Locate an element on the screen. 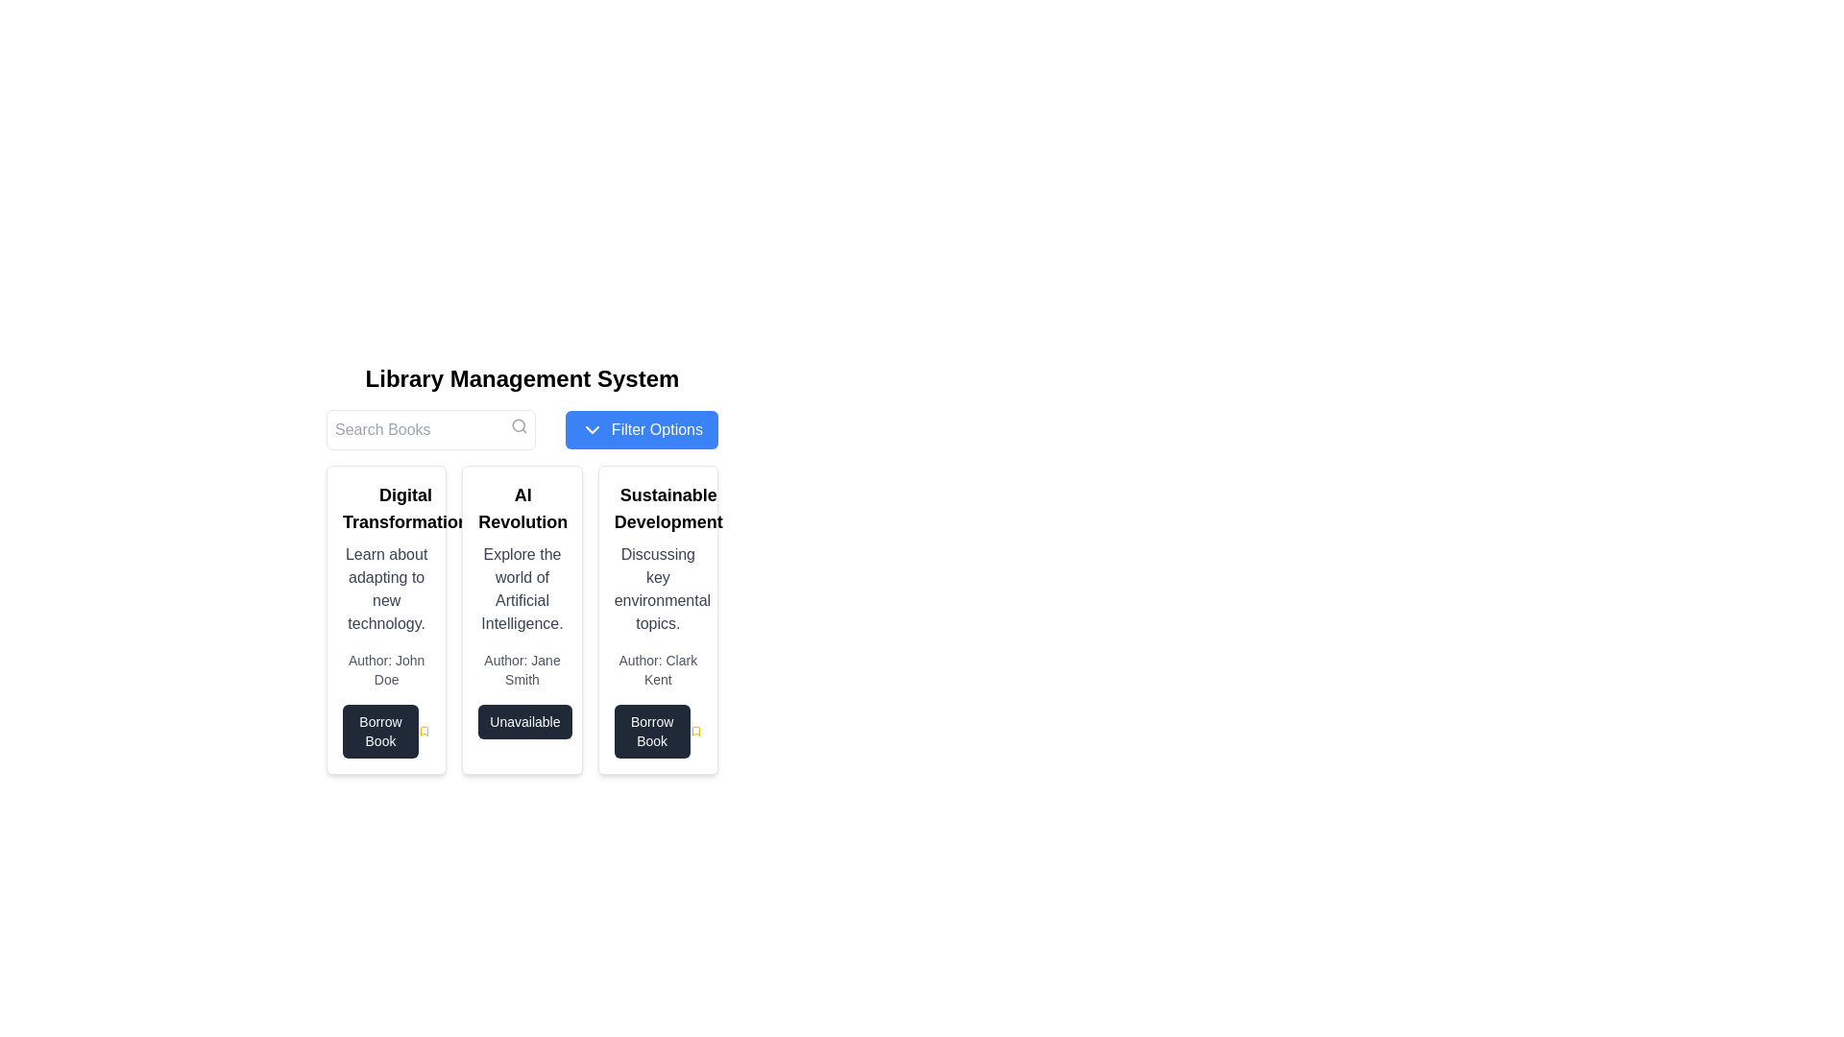  the borrow button located in the first column beneath the text 'Digital Transformation' is located at coordinates (380, 732).